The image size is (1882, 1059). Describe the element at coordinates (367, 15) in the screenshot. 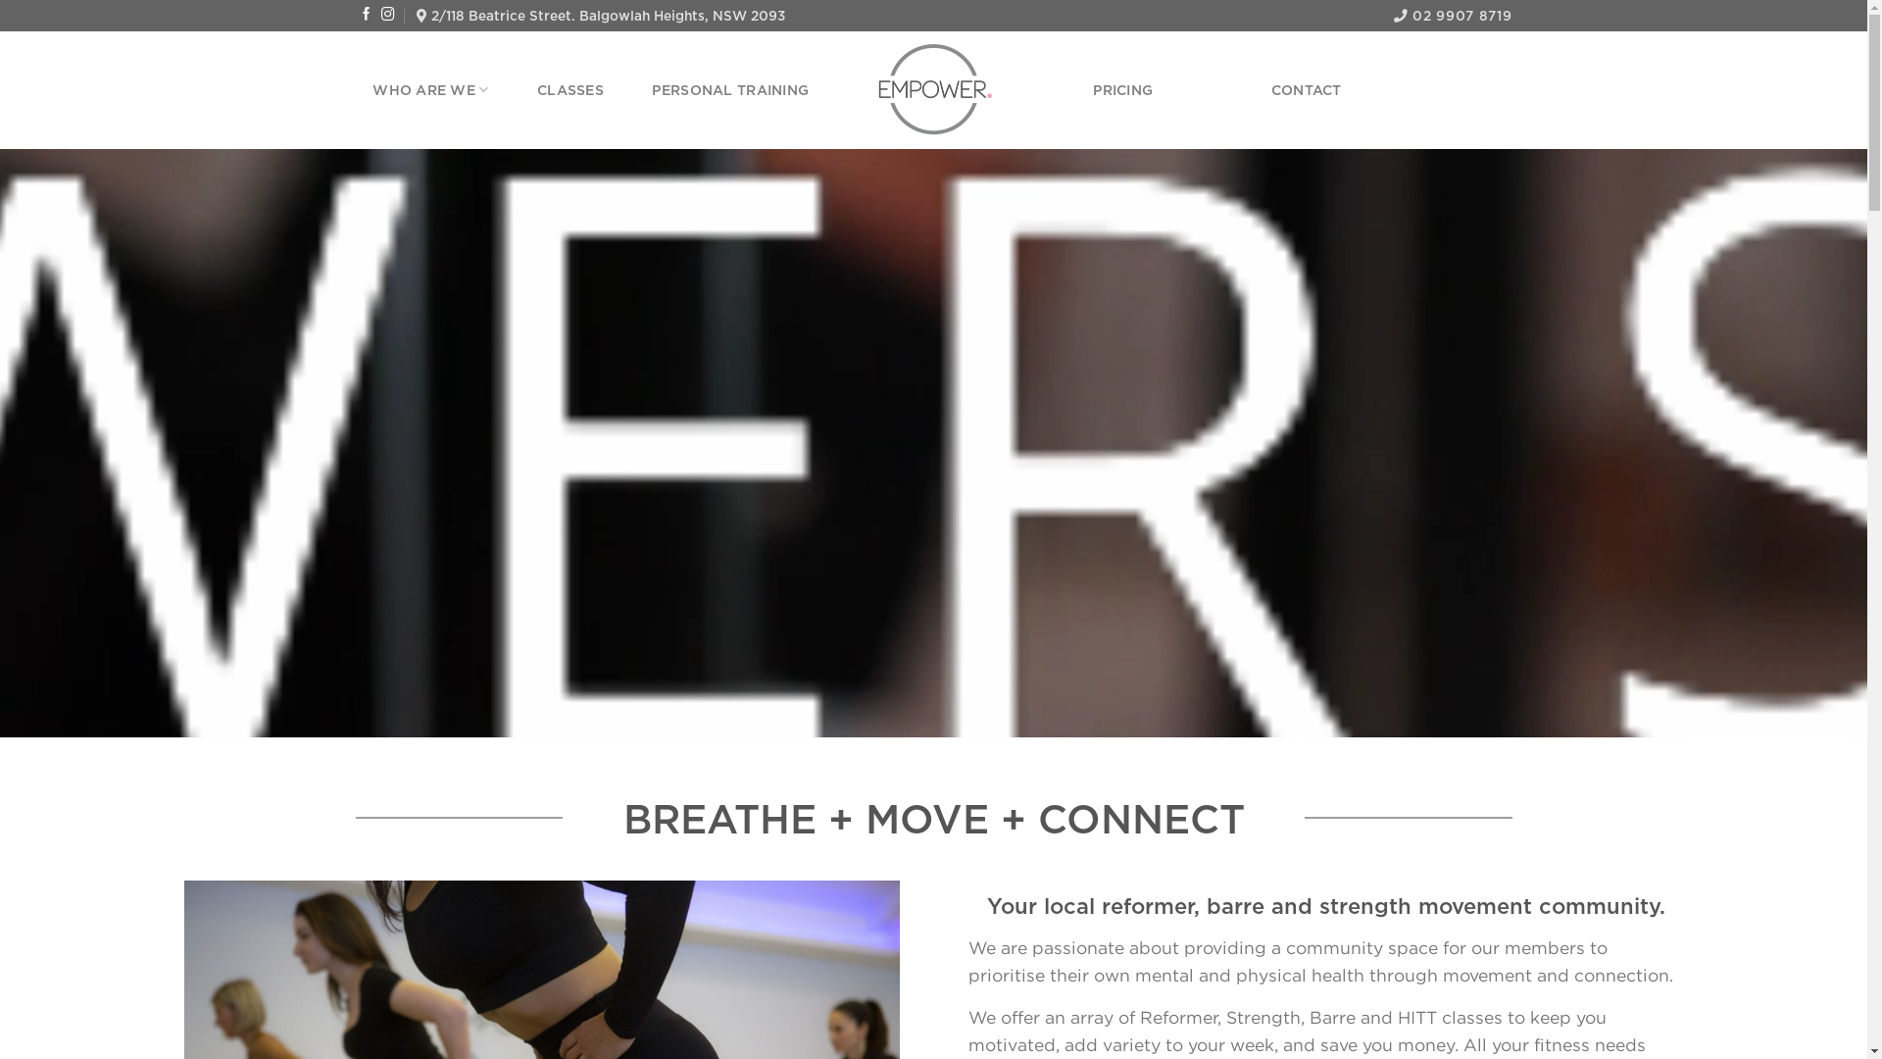

I see `'Follow on Facebook'` at that location.